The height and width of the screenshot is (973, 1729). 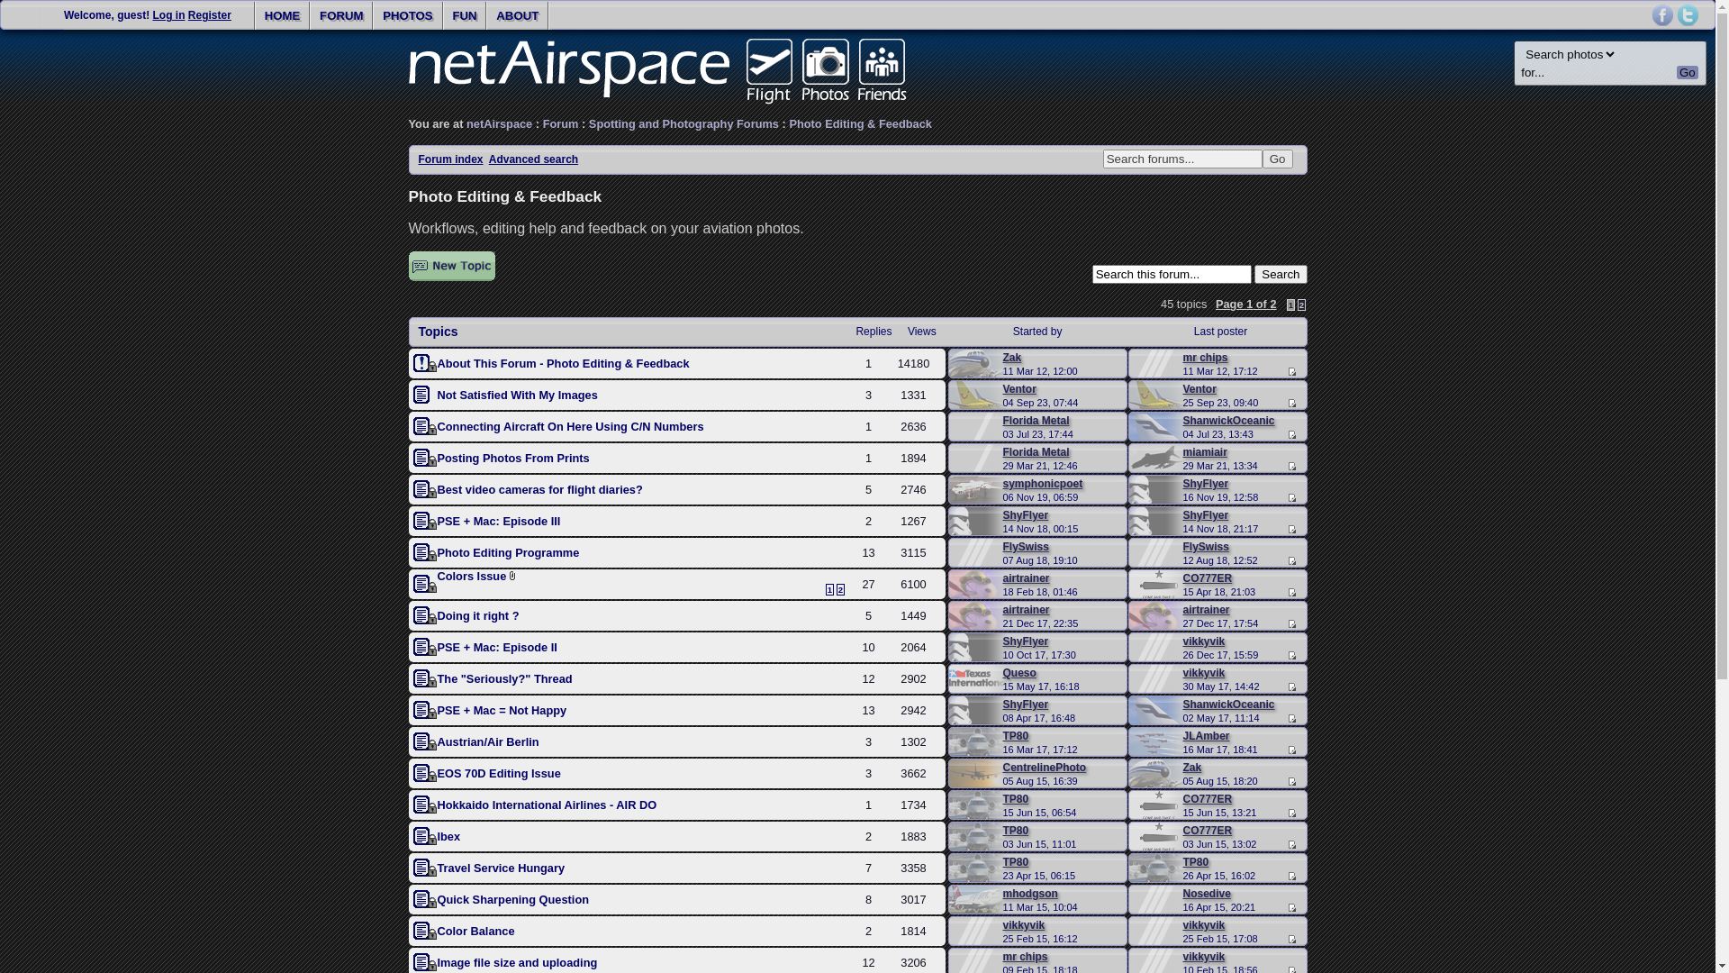 What do you see at coordinates (516, 15) in the screenshot?
I see `'ABOUT'` at bounding box center [516, 15].